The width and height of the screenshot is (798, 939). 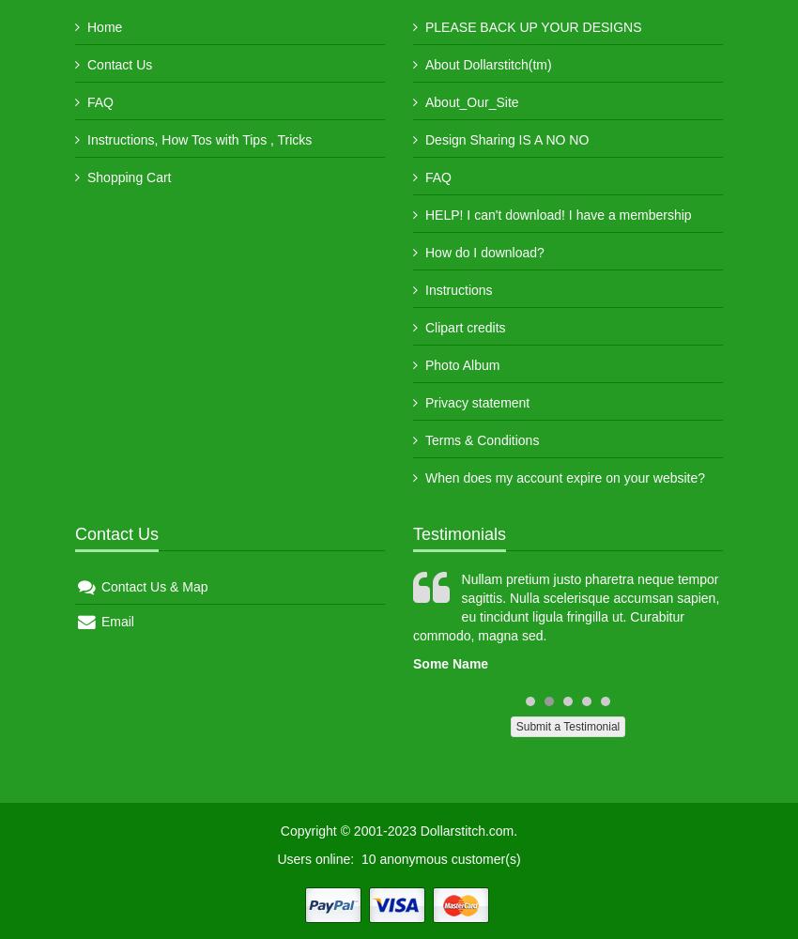 I want to click on 'About Dollarstitch(tm)', so click(x=423, y=64).